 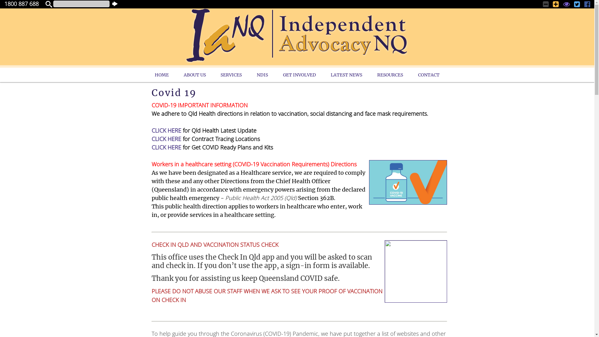 I want to click on 'HOME', so click(x=162, y=74).